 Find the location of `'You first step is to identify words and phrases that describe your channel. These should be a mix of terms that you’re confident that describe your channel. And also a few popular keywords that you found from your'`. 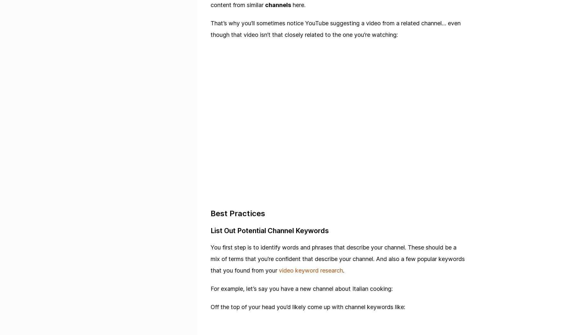

'You first step is to identify words and phrases that describe your channel. These should be a mix of terms that you’re confident that describe your channel. And also a few popular keywords that you found from your' is located at coordinates (338, 259).